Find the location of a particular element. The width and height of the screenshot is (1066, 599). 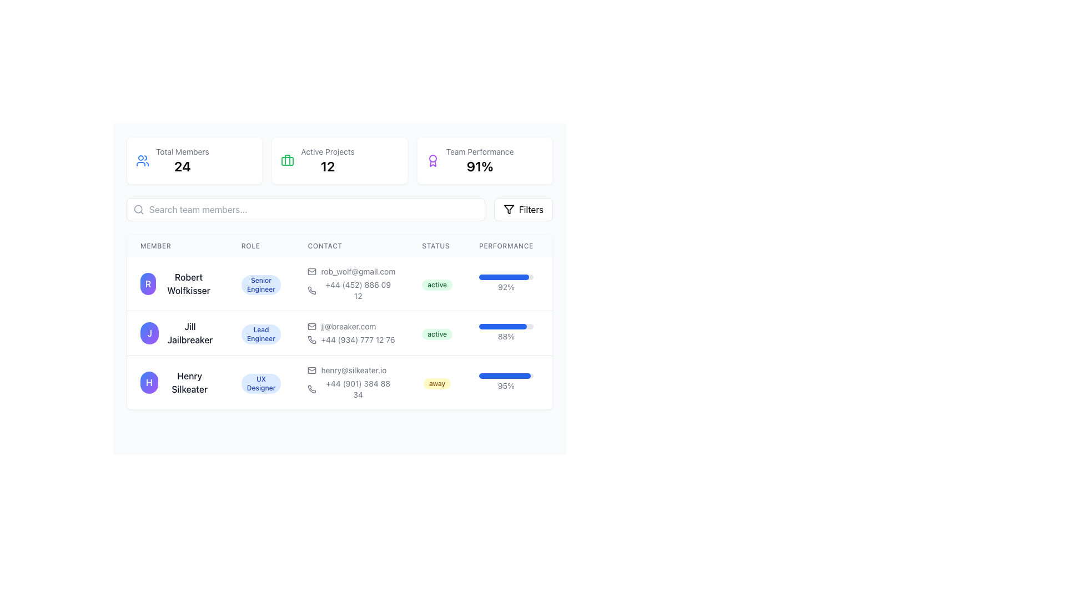

the 'Total Members' text label, which is styled with a gray font color and positioned above the number '24' in the metrics panel is located at coordinates (182, 151).